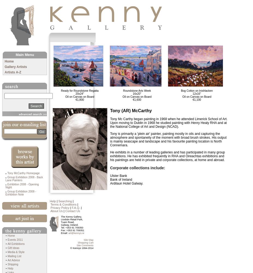  I want to click on 'Group Exhibition 2008 - Back Lane Painters', so click(5, 179).